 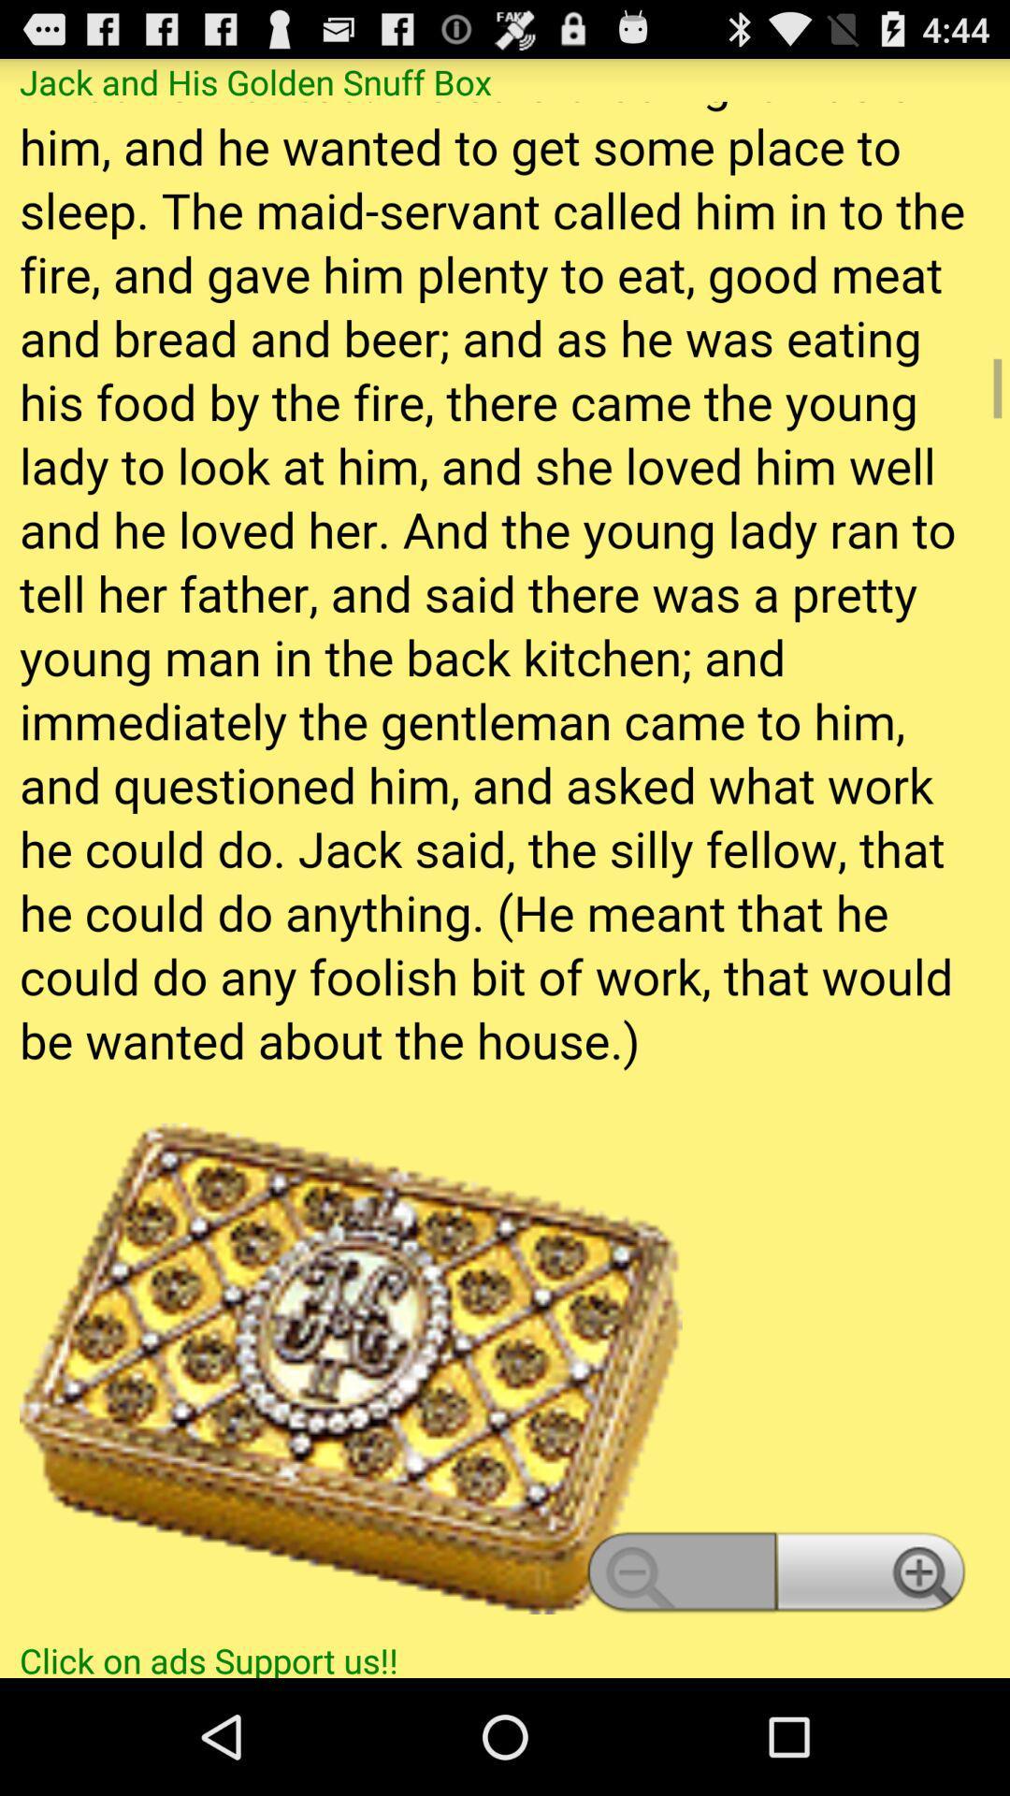 I want to click on story content, so click(x=505, y=868).